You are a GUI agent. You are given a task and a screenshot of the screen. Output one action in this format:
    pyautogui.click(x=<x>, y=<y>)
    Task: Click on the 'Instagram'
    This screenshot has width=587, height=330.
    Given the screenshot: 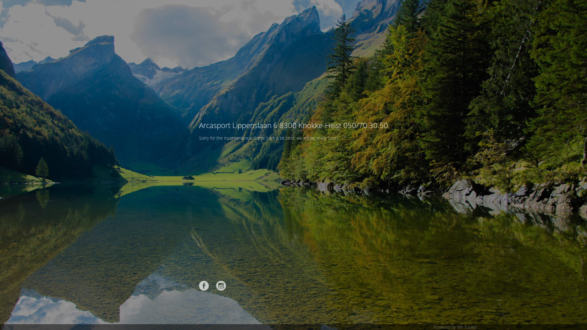 What is the action you would take?
    pyautogui.click(x=216, y=285)
    